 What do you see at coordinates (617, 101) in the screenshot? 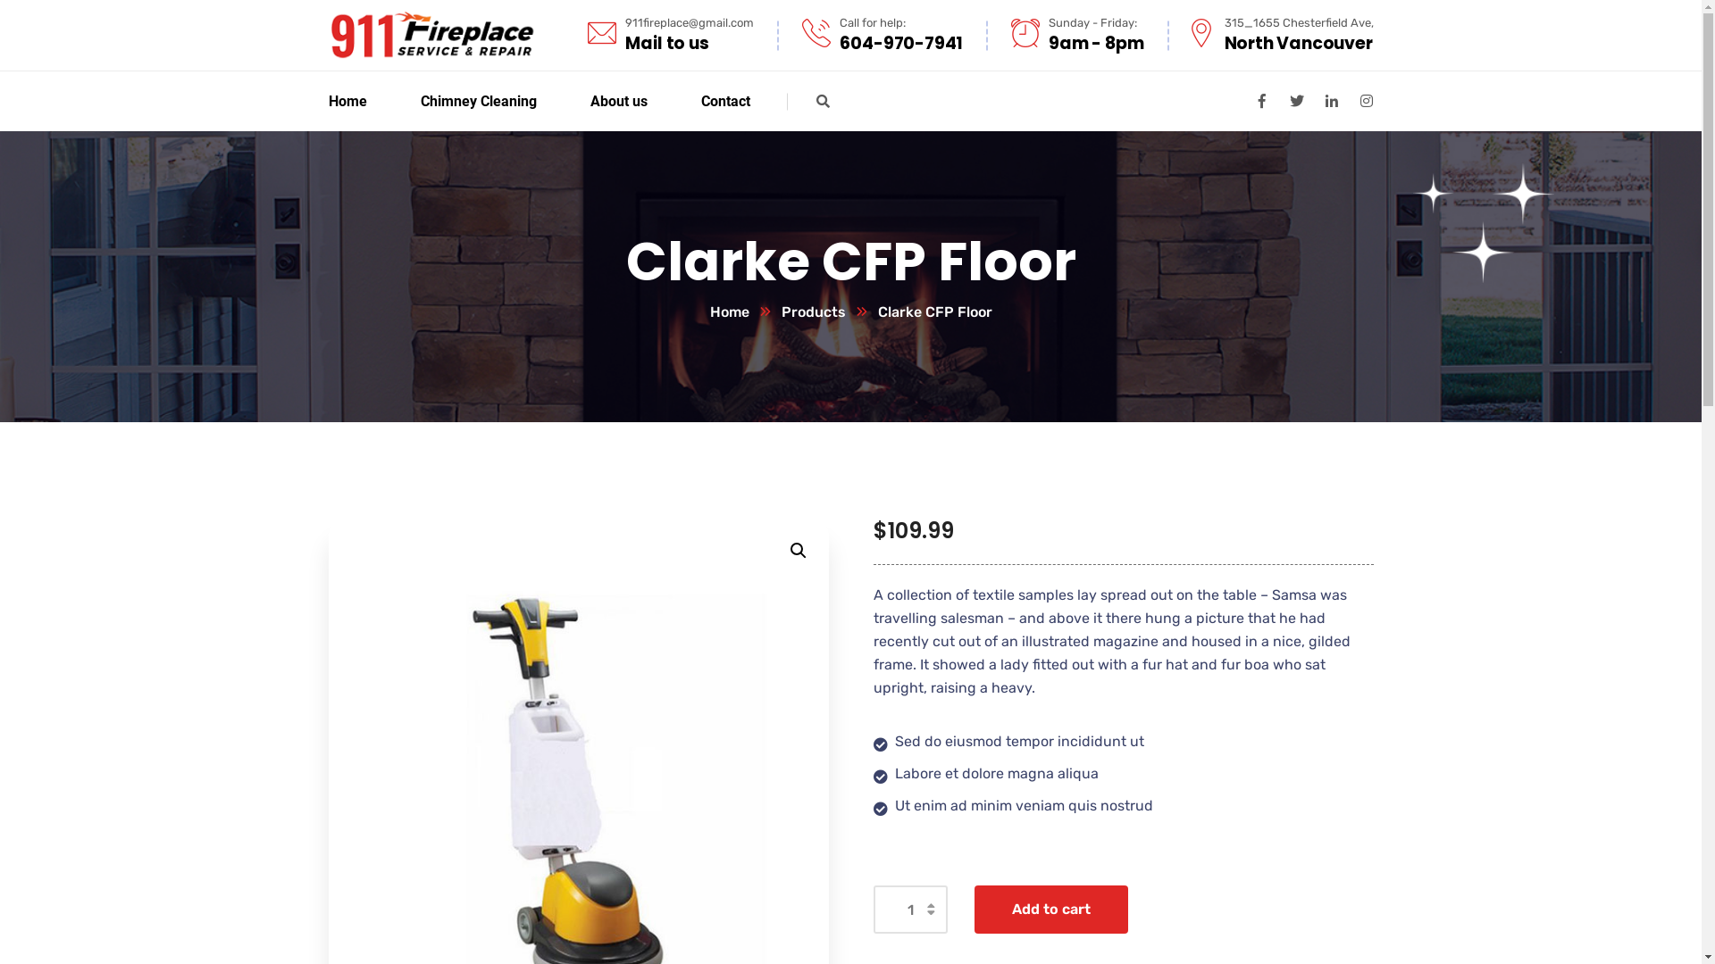
I see `'About us'` at bounding box center [617, 101].